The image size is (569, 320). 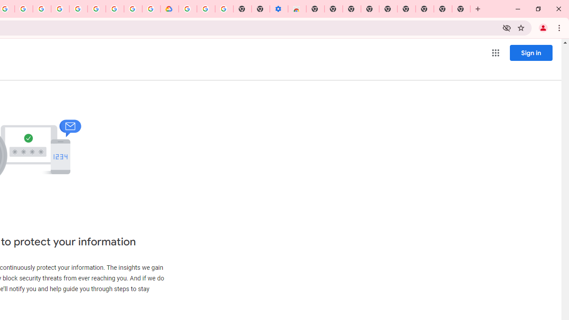 I want to click on 'Ad Settings', so click(x=60, y=9).